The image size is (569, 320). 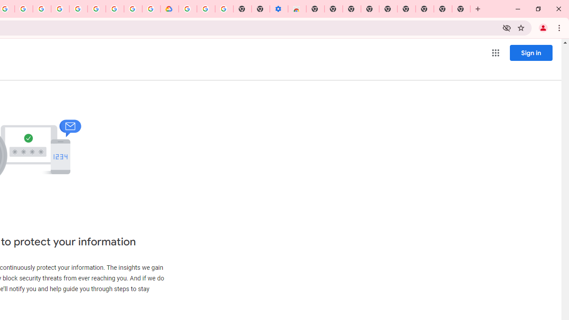 I want to click on 'Ad Settings', so click(x=60, y=9).